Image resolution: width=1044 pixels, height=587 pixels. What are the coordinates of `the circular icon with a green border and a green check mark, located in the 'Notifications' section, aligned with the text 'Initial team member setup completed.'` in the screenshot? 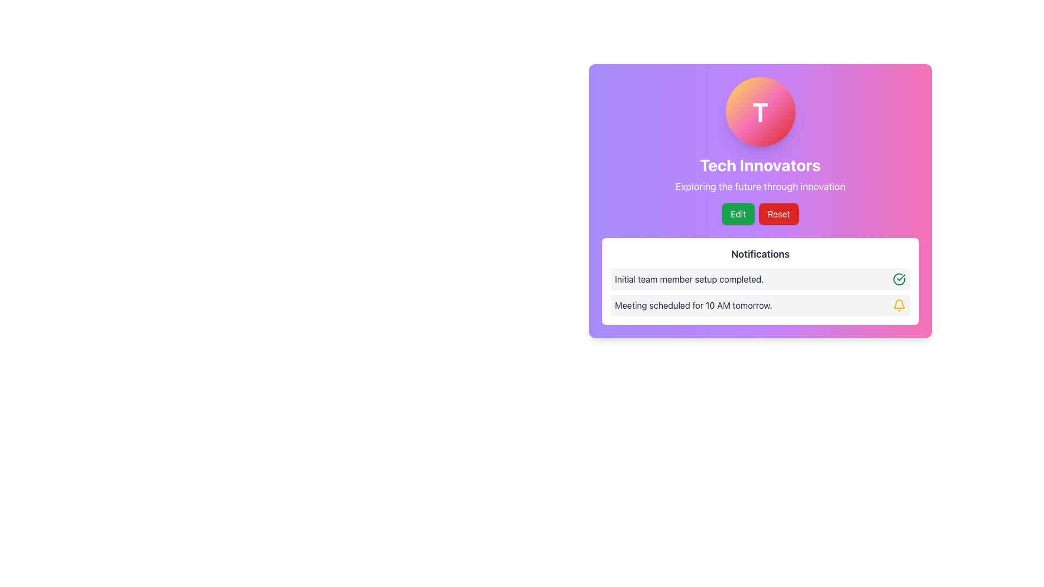 It's located at (899, 278).